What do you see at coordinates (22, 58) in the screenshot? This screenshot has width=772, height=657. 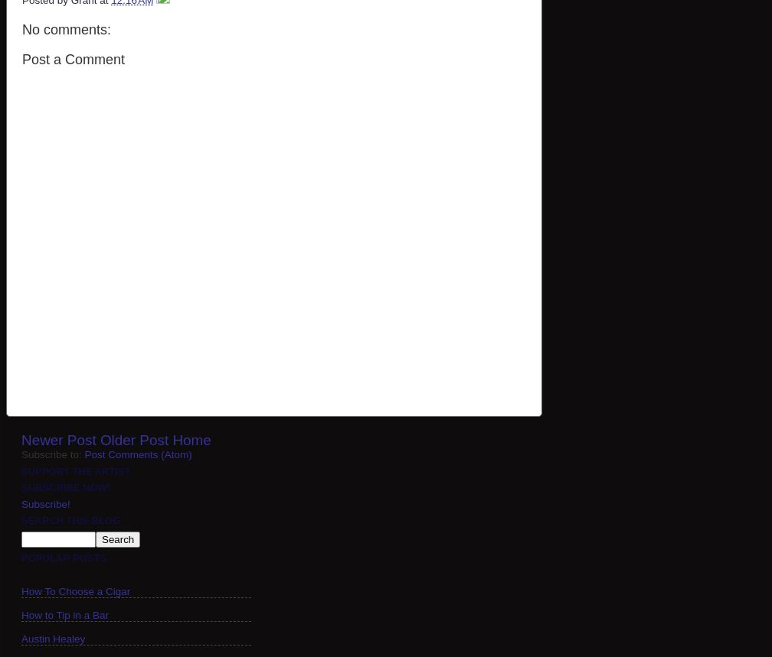 I see `'Post a Comment'` at bounding box center [22, 58].